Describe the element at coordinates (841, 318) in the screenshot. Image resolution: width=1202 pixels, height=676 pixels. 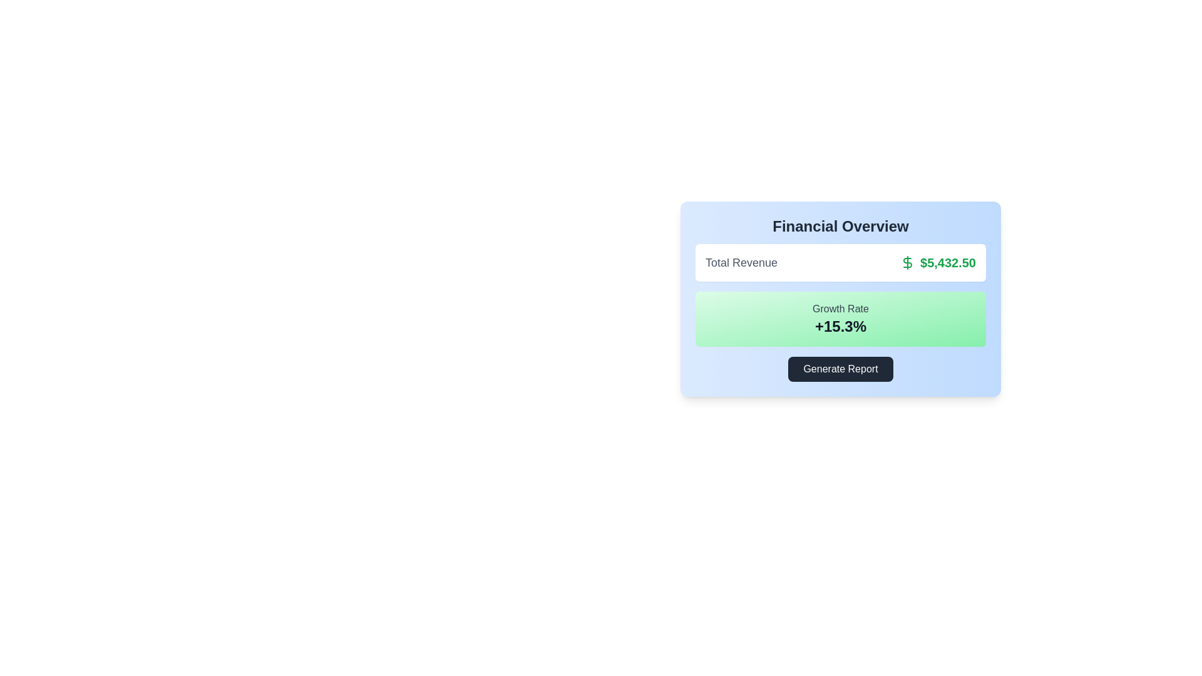
I see `the static information display element that shows the growth rate information, located below the 'Total Revenue' section and above the 'Generate Report' button` at that location.